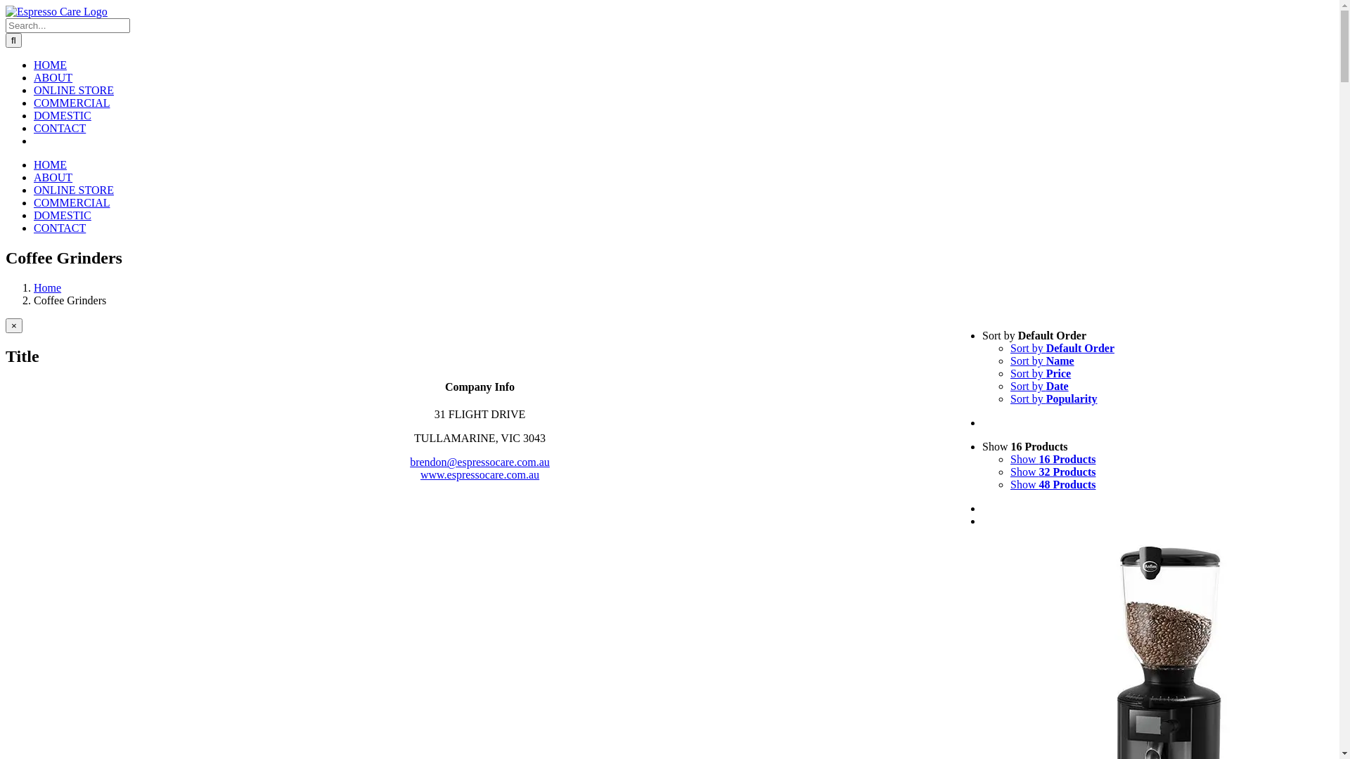 This screenshot has width=1350, height=759. Describe the element at coordinates (1009, 459) in the screenshot. I see `'Show 16 Products'` at that location.